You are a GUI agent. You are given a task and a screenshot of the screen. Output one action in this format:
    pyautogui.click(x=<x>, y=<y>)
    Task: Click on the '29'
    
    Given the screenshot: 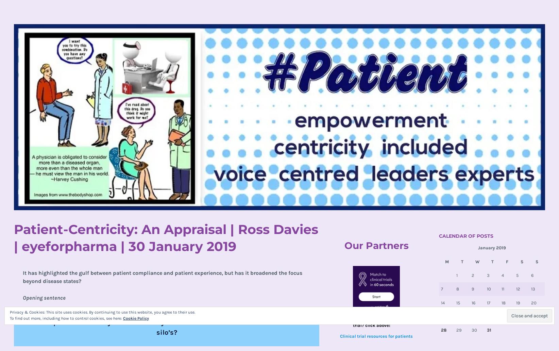 What is the action you would take?
    pyautogui.click(x=458, y=330)
    